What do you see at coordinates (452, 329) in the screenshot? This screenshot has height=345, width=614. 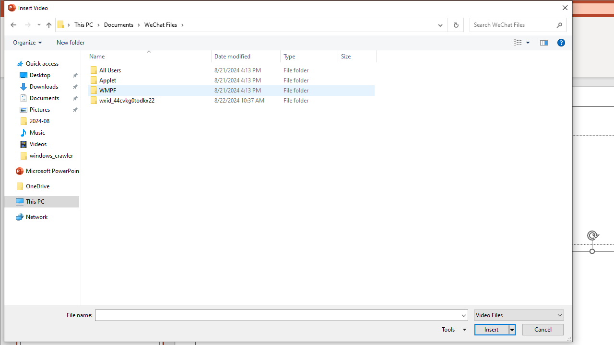 I see `'Tools'` at bounding box center [452, 329].